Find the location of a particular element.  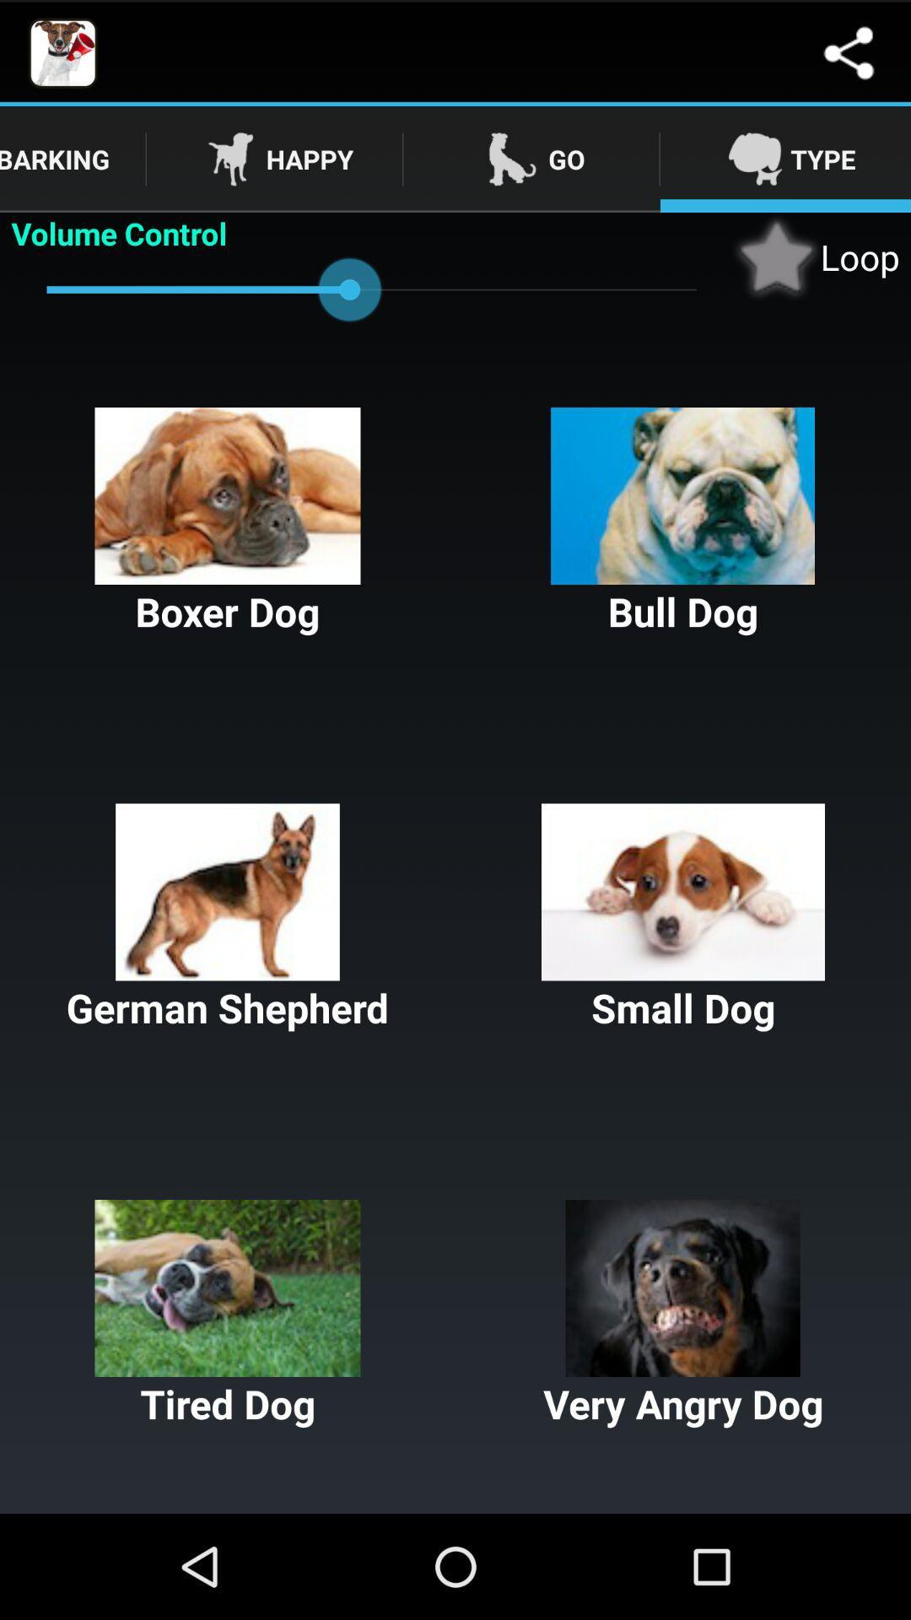

boxer dog button is located at coordinates (228, 521).